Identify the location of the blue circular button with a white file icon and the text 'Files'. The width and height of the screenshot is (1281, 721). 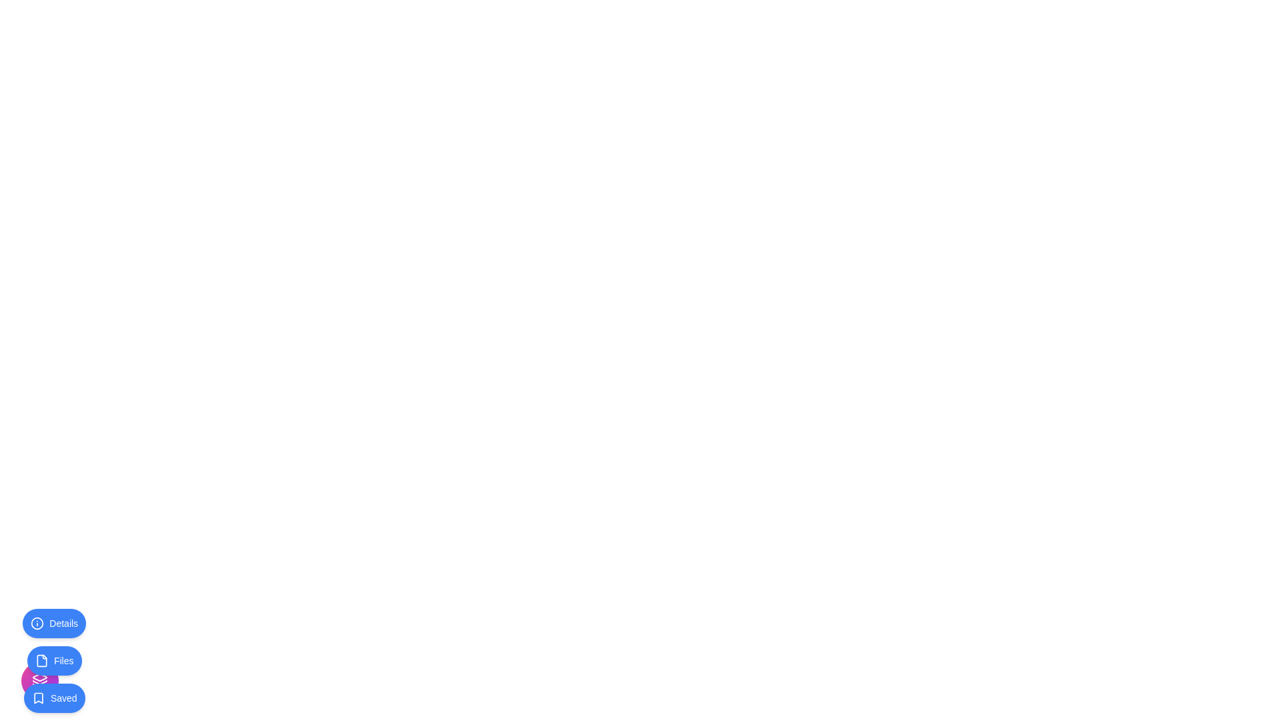
(53, 661).